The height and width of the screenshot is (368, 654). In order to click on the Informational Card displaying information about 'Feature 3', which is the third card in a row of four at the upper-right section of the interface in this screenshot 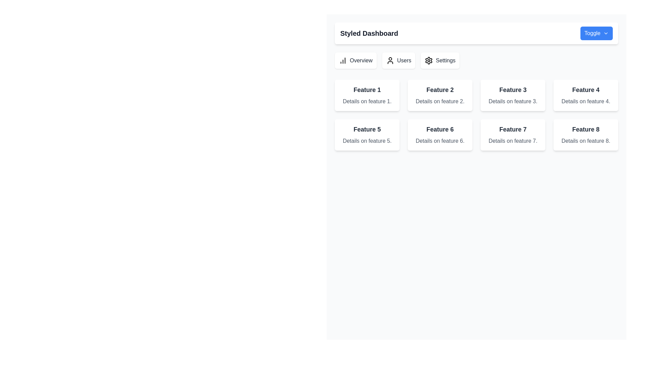, I will do `click(513, 95)`.